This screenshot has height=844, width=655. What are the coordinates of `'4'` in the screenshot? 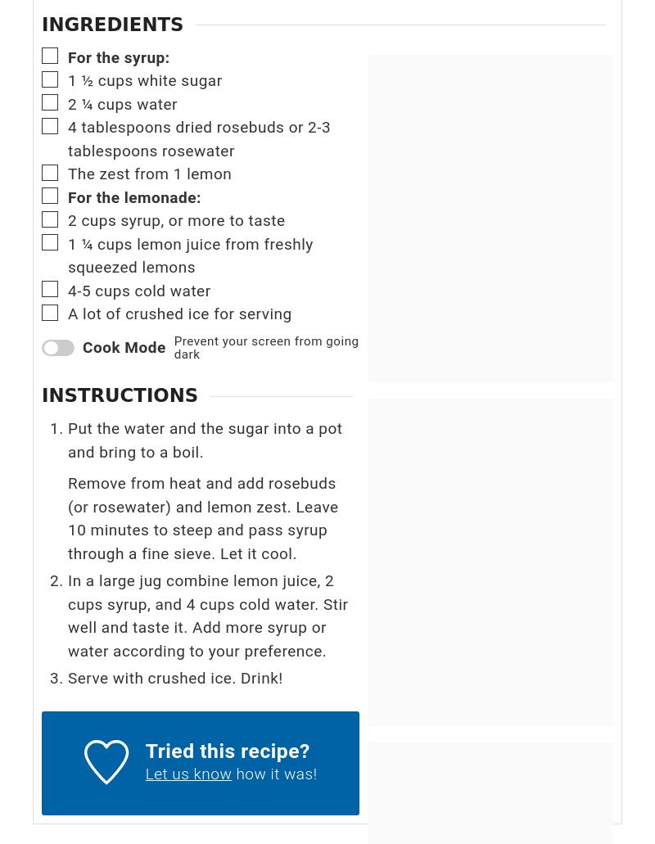 It's located at (67, 126).